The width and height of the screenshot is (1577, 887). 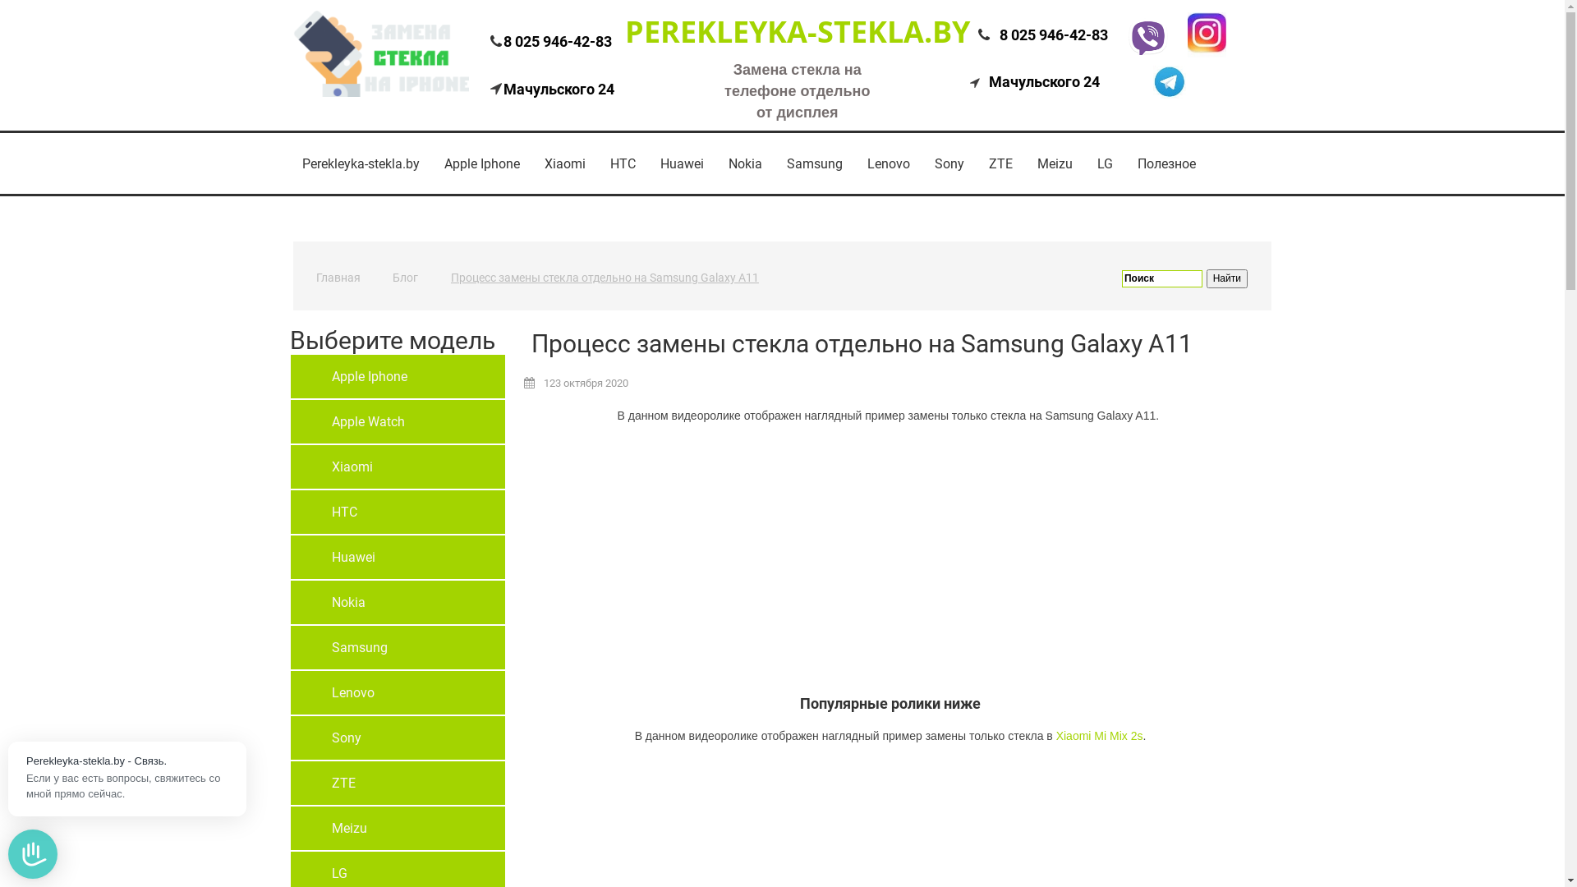 What do you see at coordinates (480, 164) in the screenshot?
I see `'Apple Iphone'` at bounding box center [480, 164].